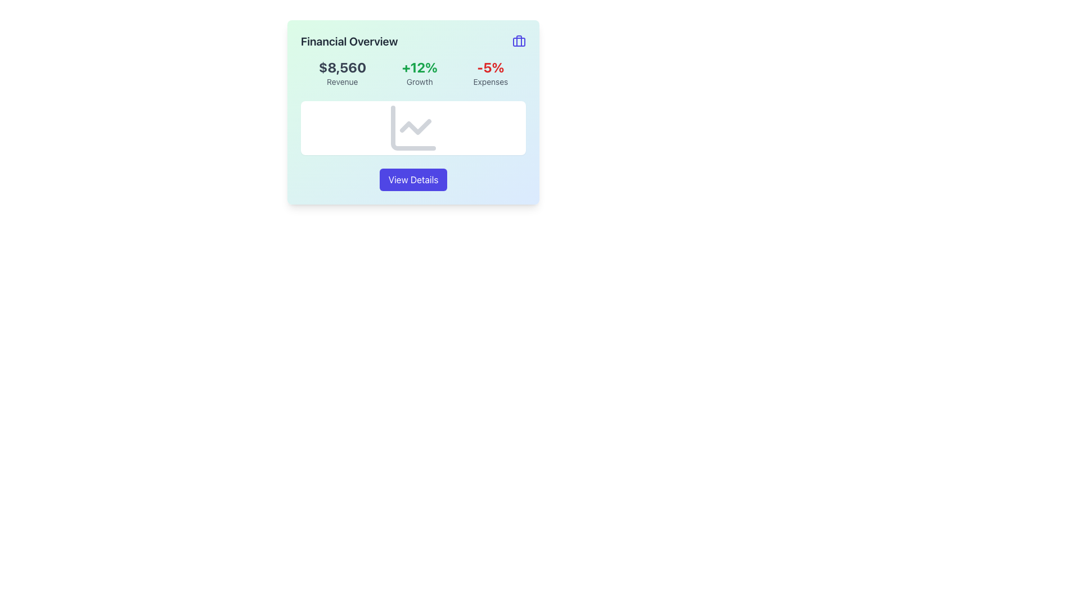 The height and width of the screenshot is (607, 1080). What do you see at coordinates (412, 179) in the screenshot?
I see `the rectangular button with a purple background and white text reading 'View Details' to trigger visual feedback` at bounding box center [412, 179].